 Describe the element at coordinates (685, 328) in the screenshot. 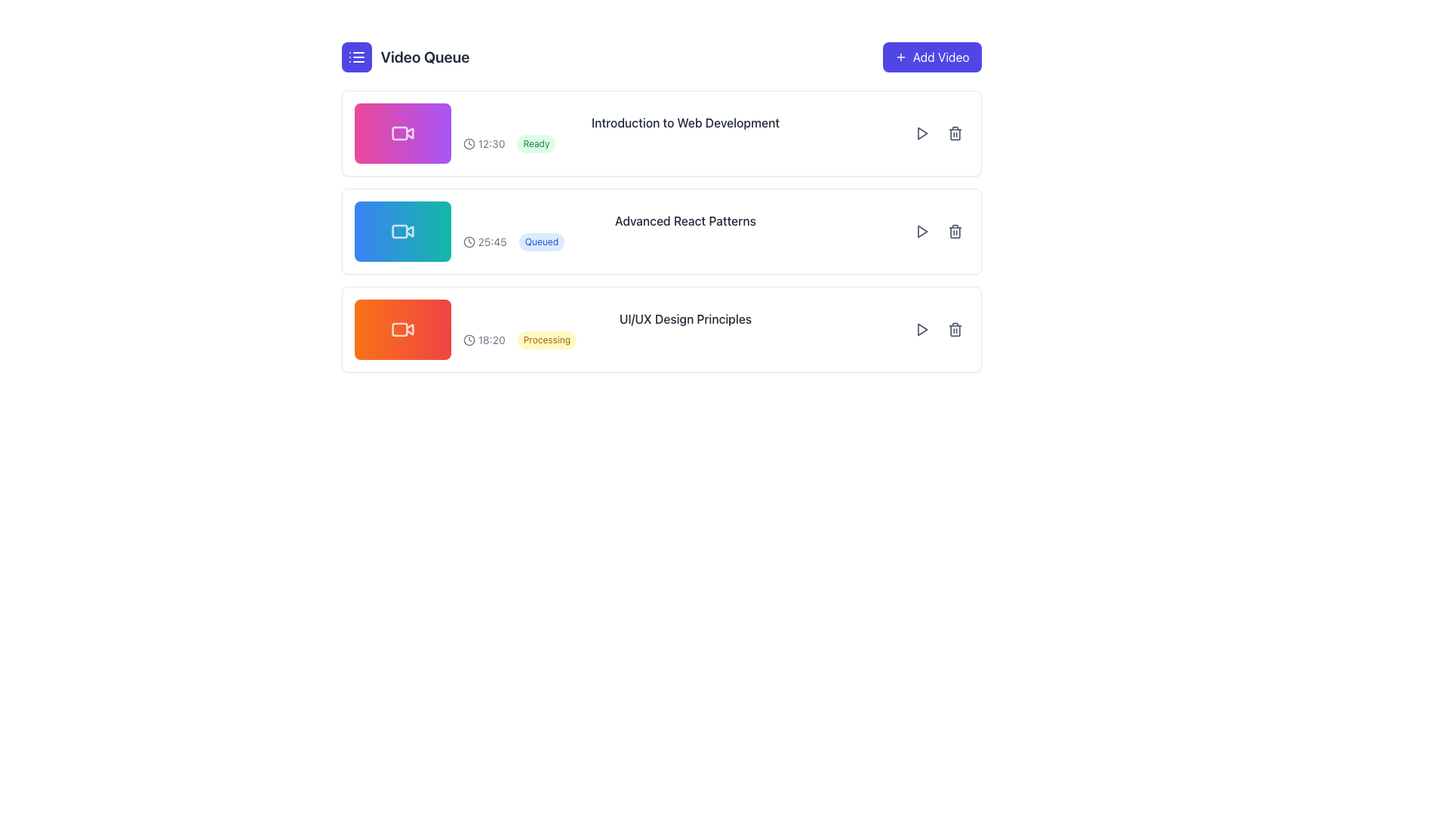

I see `the informational display element that indicates the video entitled 'UI/UX Design Principles' with a duration of '18:20' and its processing status, located in the third row of the list, to the right of the red-orange rectangle containing a video icon` at that location.